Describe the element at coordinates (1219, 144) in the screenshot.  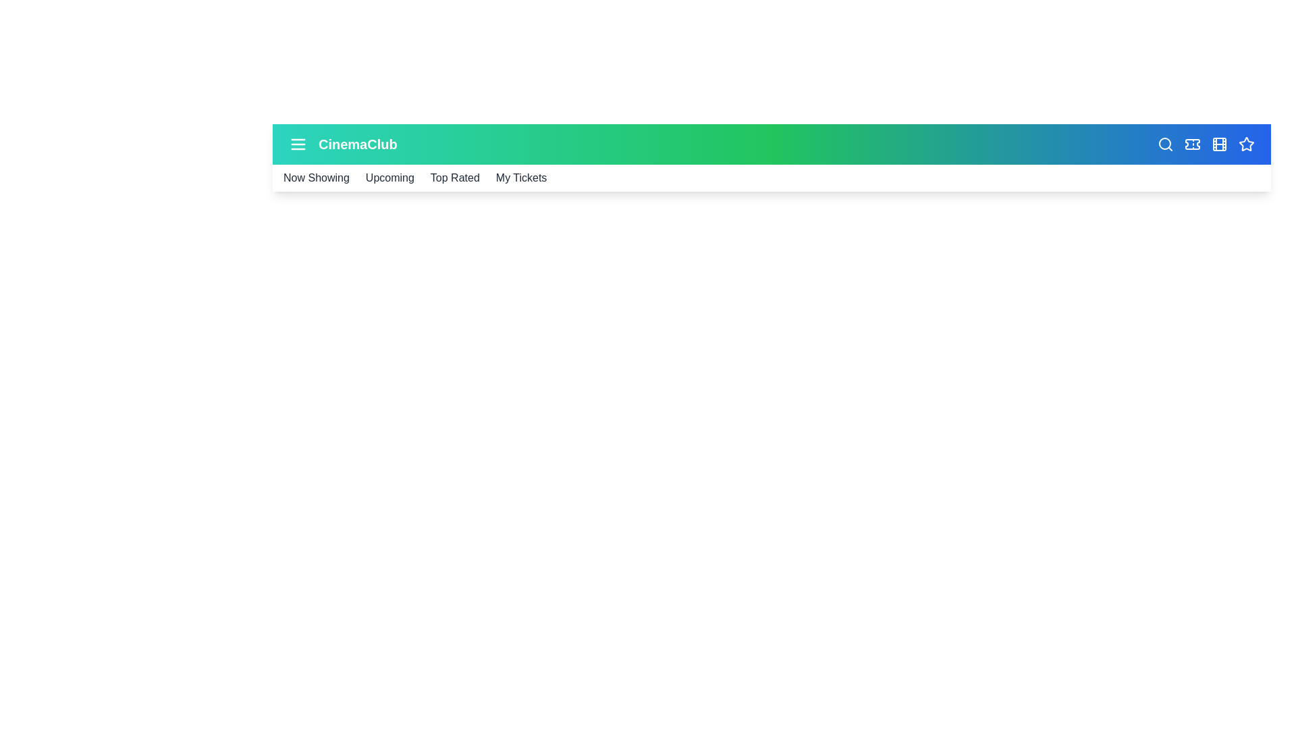
I see `the film icon in the CinemaAppBar` at that location.